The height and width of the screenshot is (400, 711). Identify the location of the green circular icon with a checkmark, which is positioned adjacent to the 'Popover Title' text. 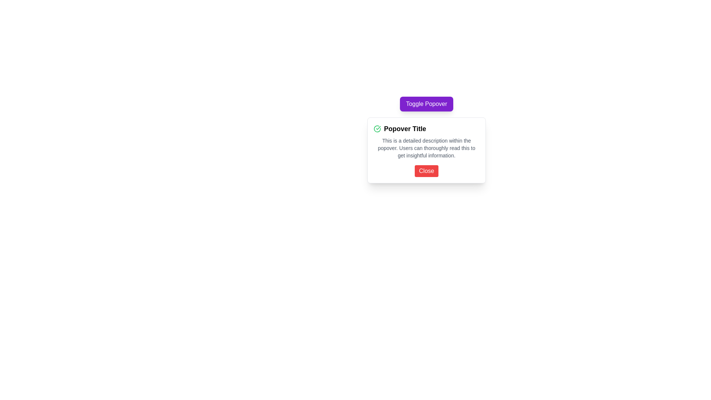
(377, 128).